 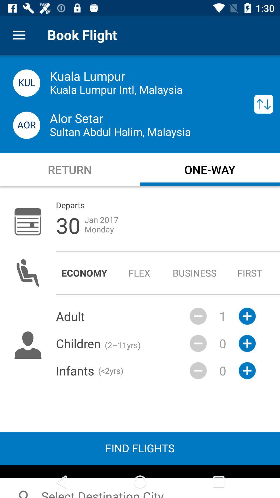 What do you see at coordinates (195, 273) in the screenshot?
I see `icon to the left of first item` at bounding box center [195, 273].